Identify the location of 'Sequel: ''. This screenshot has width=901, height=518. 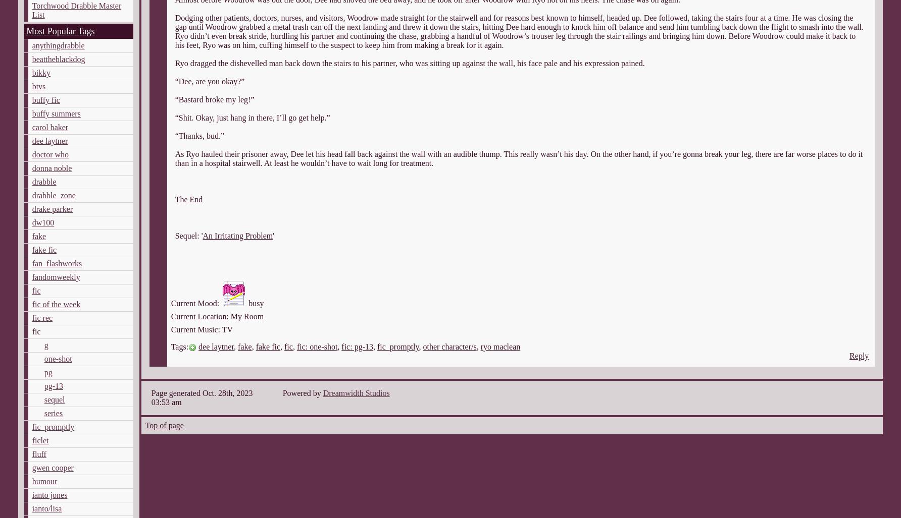
(188, 236).